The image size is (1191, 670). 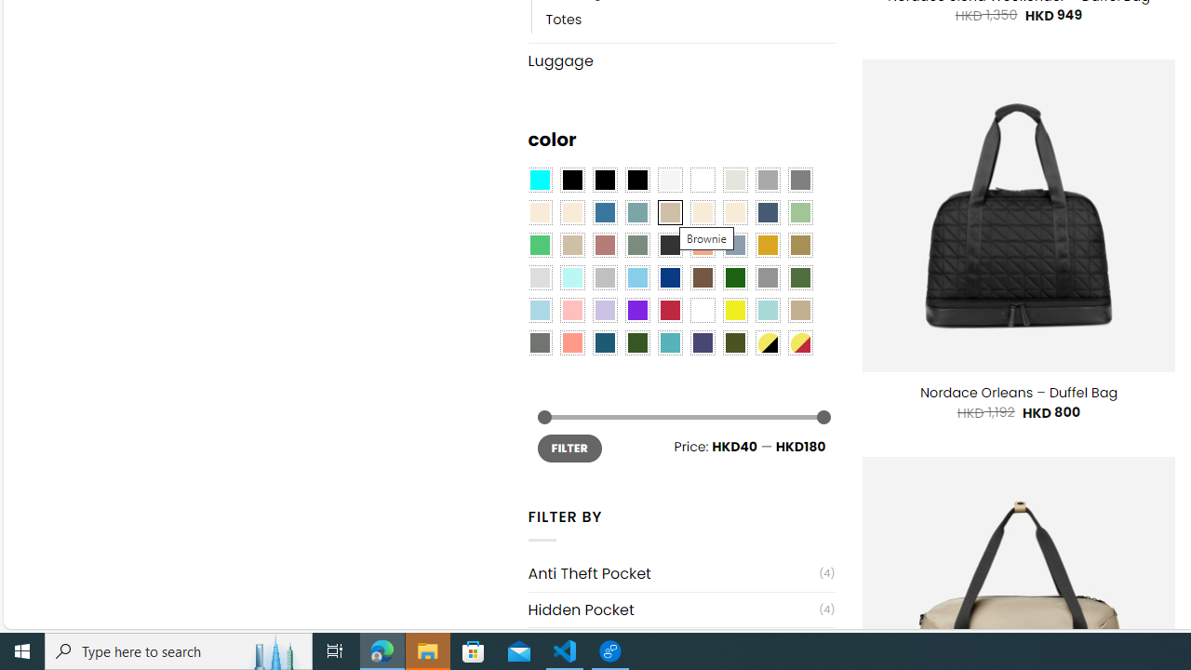 What do you see at coordinates (800, 181) in the screenshot?
I see `'All Gray'` at bounding box center [800, 181].